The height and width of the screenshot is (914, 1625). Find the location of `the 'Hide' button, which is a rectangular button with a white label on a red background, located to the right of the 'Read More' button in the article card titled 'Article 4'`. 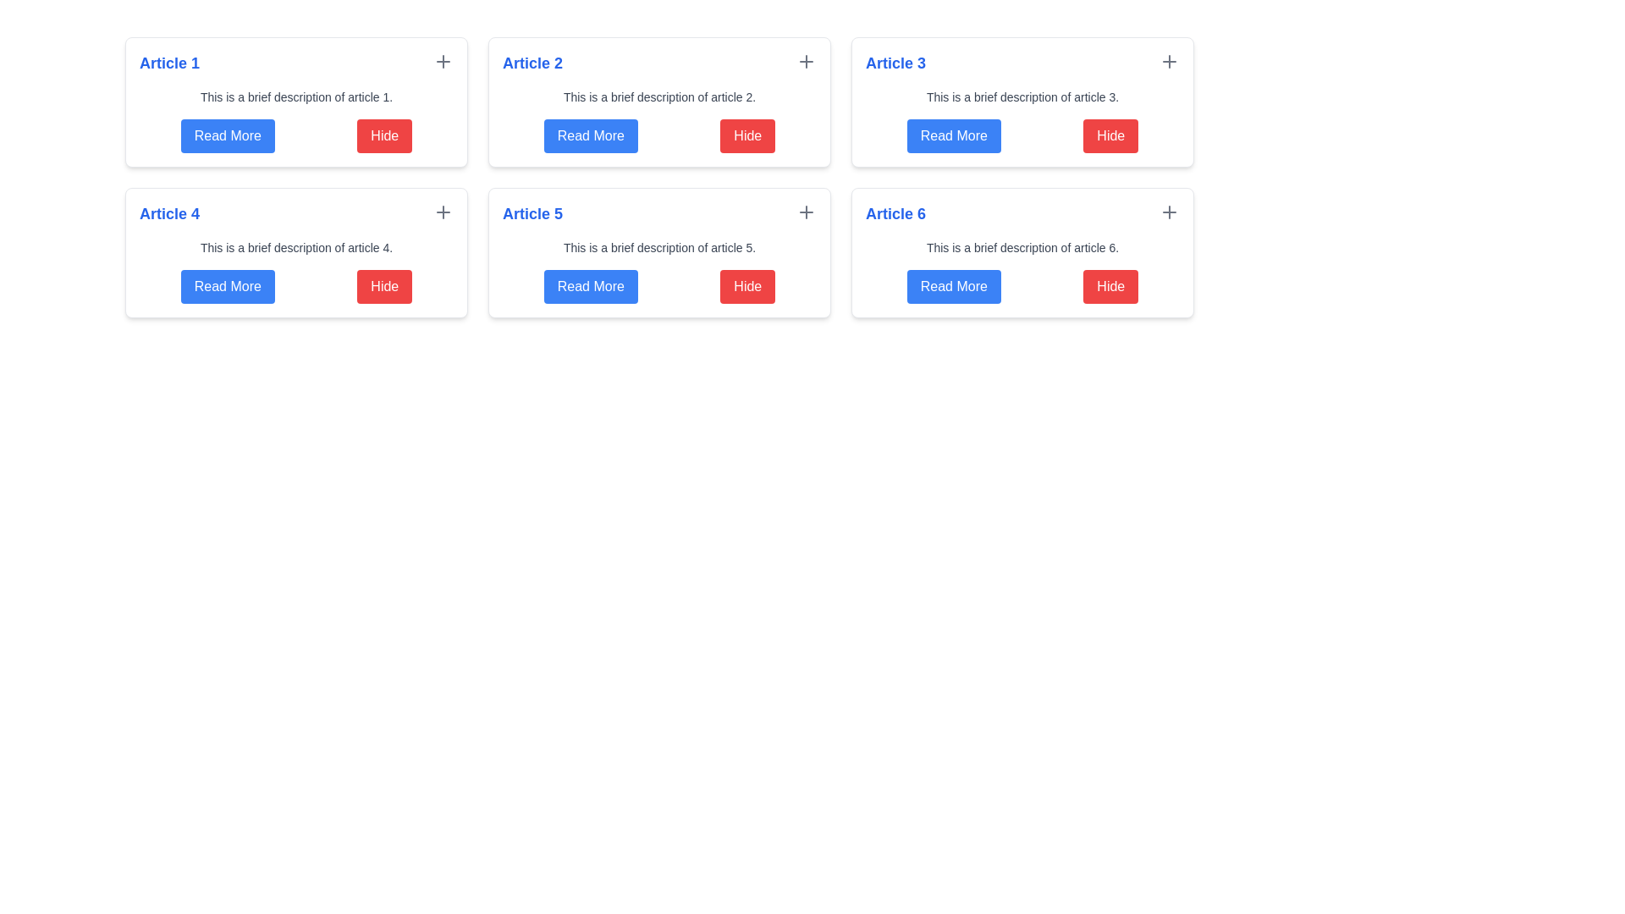

the 'Hide' button, which is a rectangular button with a white label on a red background, located to the right of the 'Read More' button in the article card titled 'Article 4' is located at coordinates (383, 286).